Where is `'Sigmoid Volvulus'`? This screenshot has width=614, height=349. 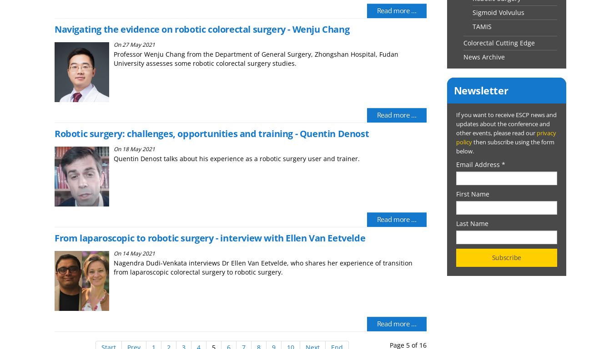
'Sigmoid Volvulus' is located at coordinates (498, 12).